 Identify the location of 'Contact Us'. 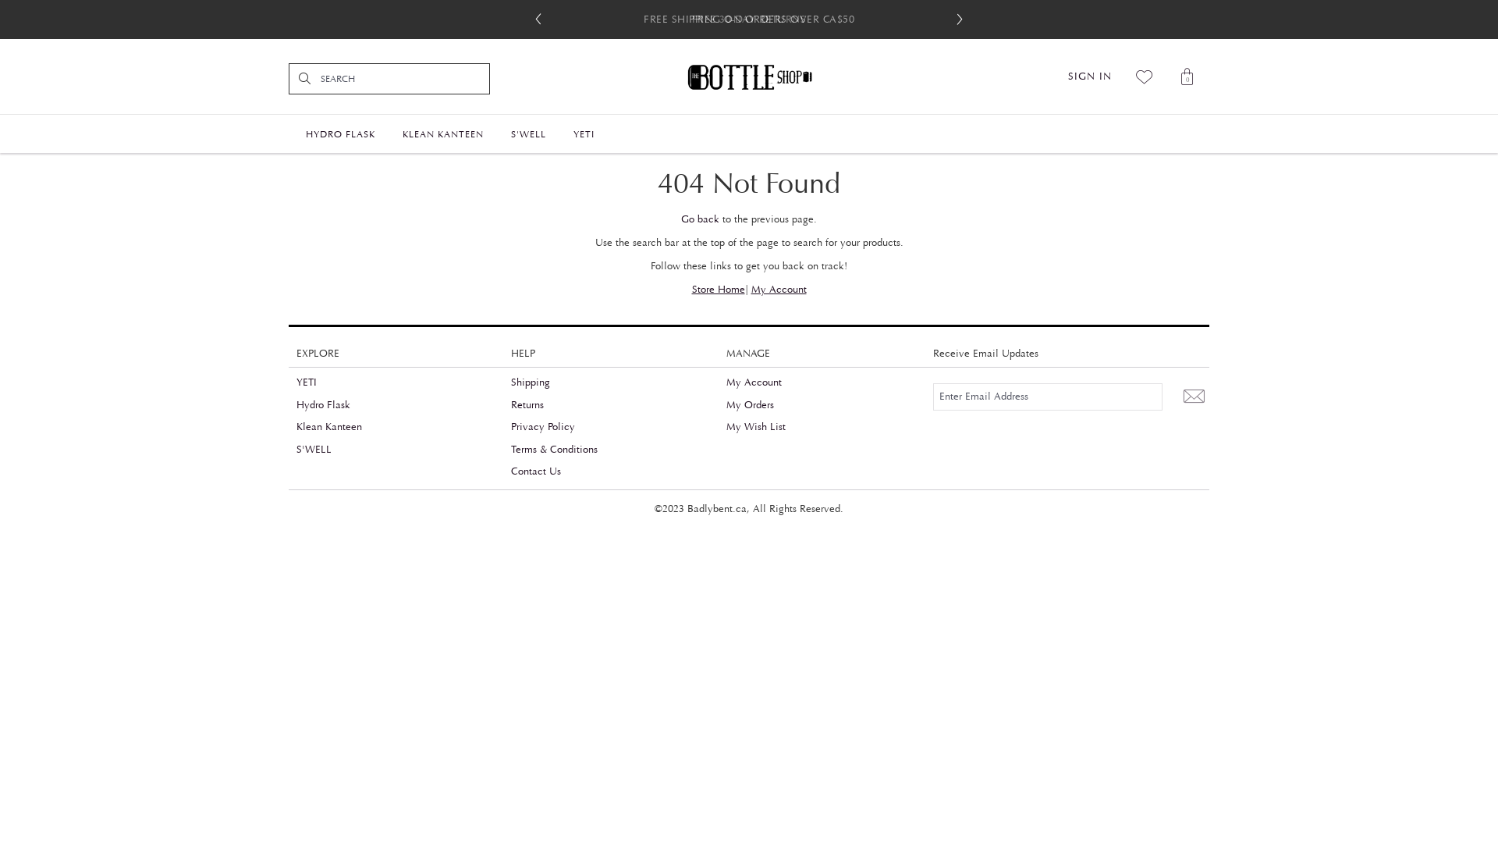
(510, 471).